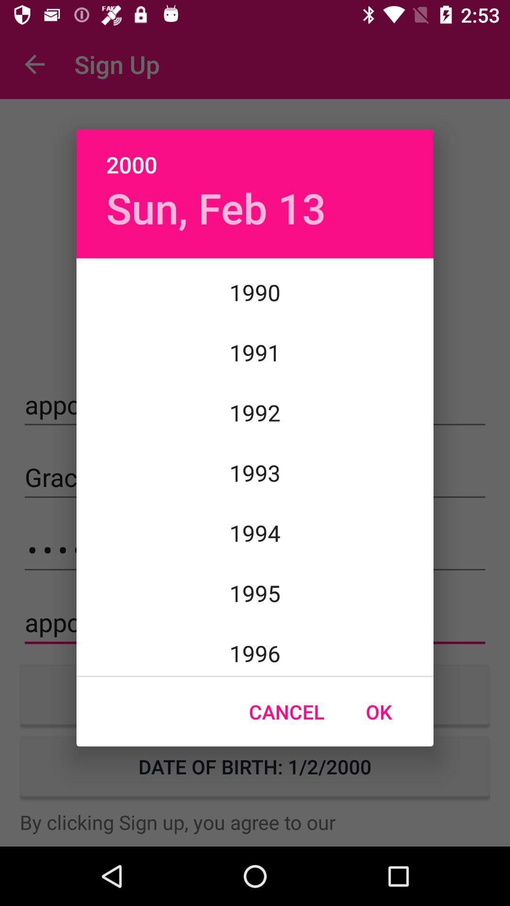  What do you see at coordinates (286, 712) in the screenshot?
I see `the cancel item` at bounding box center [286, 712].